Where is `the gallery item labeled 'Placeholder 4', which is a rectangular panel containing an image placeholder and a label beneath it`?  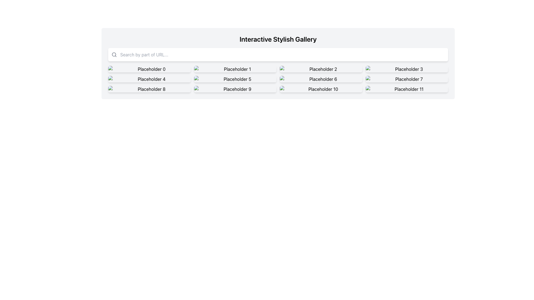 the gallery item labeled 'Placeholder 4', which is a rectangular panel containing an image placeholder and a label beneath it is located at coordinates (149, 79).